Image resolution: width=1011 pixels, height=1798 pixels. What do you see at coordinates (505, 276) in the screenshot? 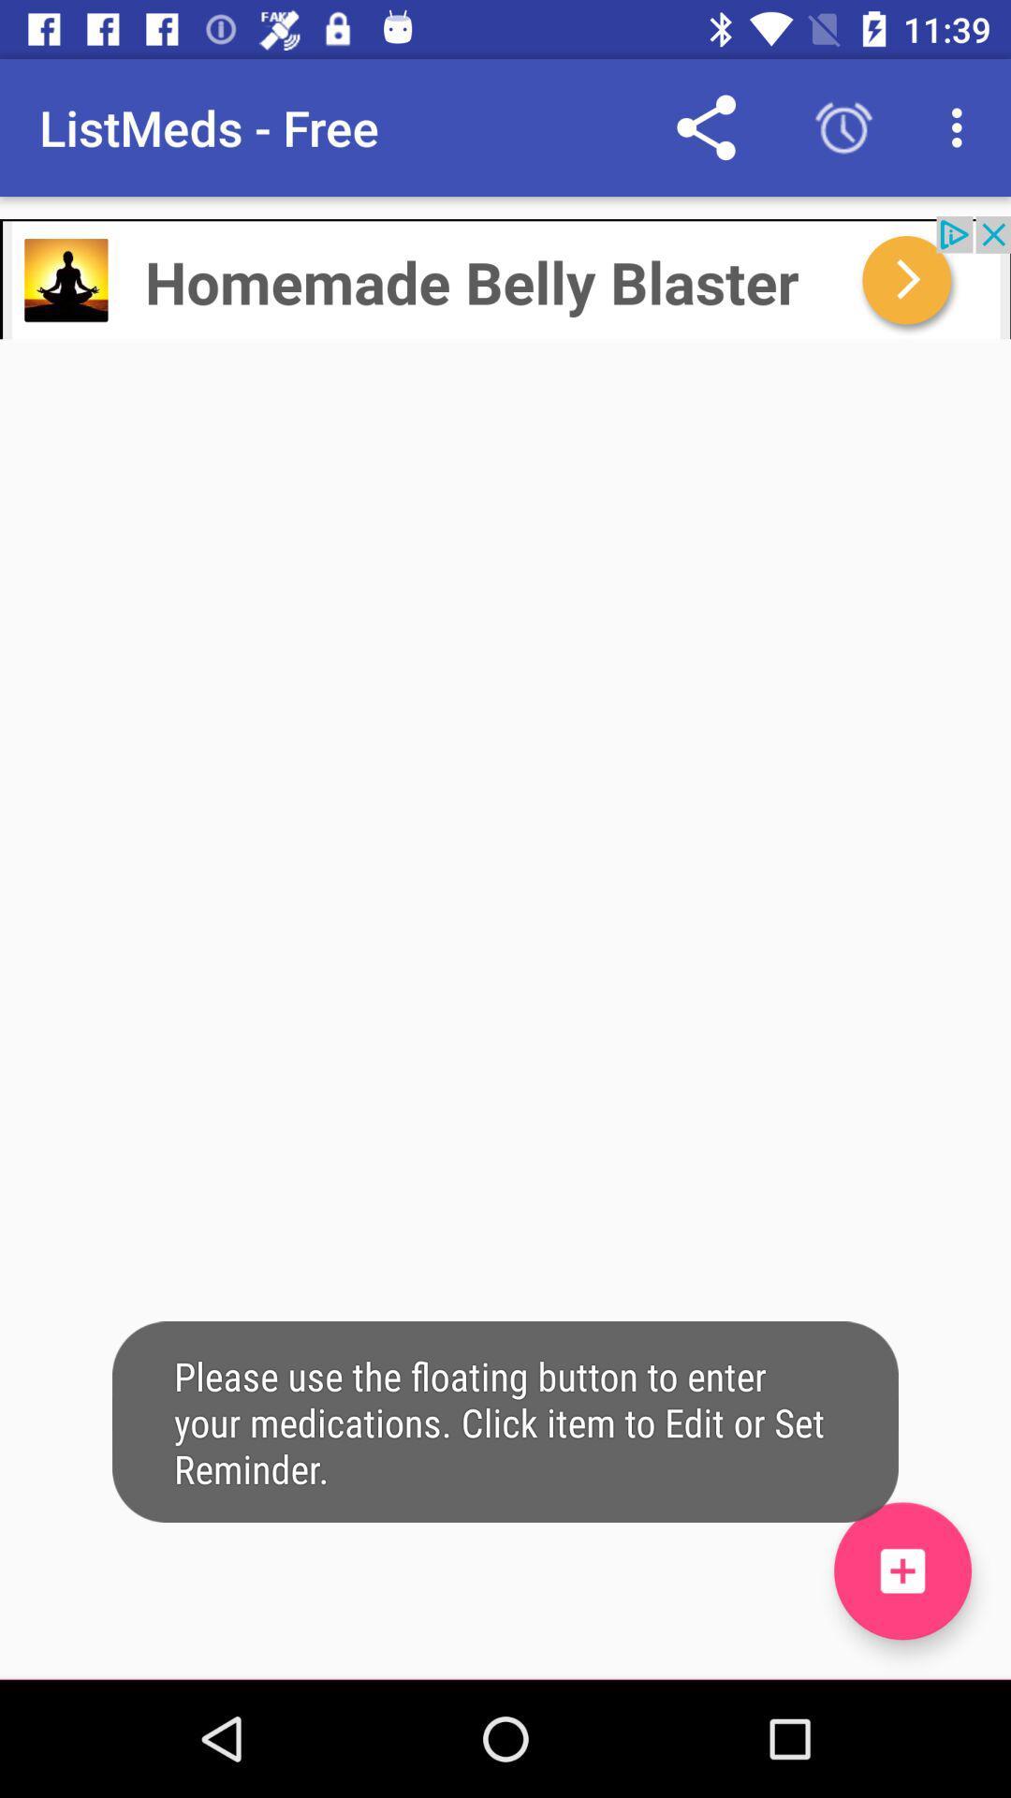
I see `open advertisement` at bounding box center [505, 276].